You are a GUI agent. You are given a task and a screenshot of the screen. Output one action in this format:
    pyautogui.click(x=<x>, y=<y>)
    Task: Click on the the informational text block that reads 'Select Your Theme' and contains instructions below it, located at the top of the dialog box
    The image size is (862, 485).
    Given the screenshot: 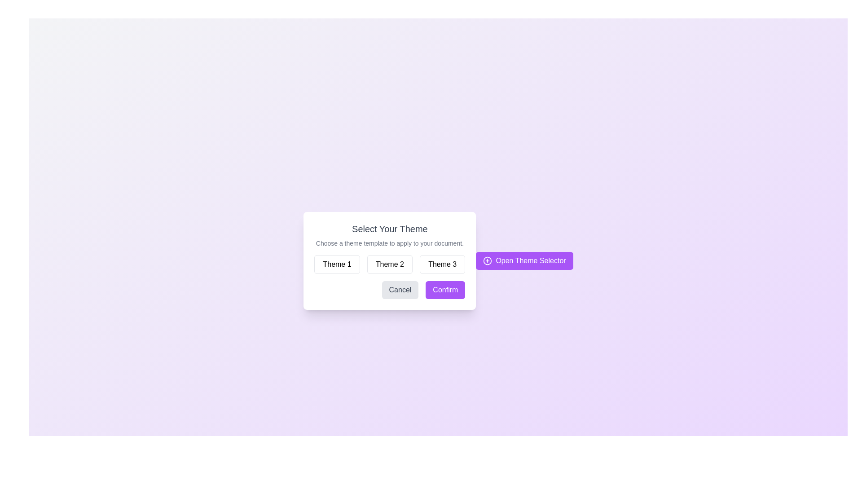 What is the action you would take?
    pyautogui.click(x=390, y=235)
    